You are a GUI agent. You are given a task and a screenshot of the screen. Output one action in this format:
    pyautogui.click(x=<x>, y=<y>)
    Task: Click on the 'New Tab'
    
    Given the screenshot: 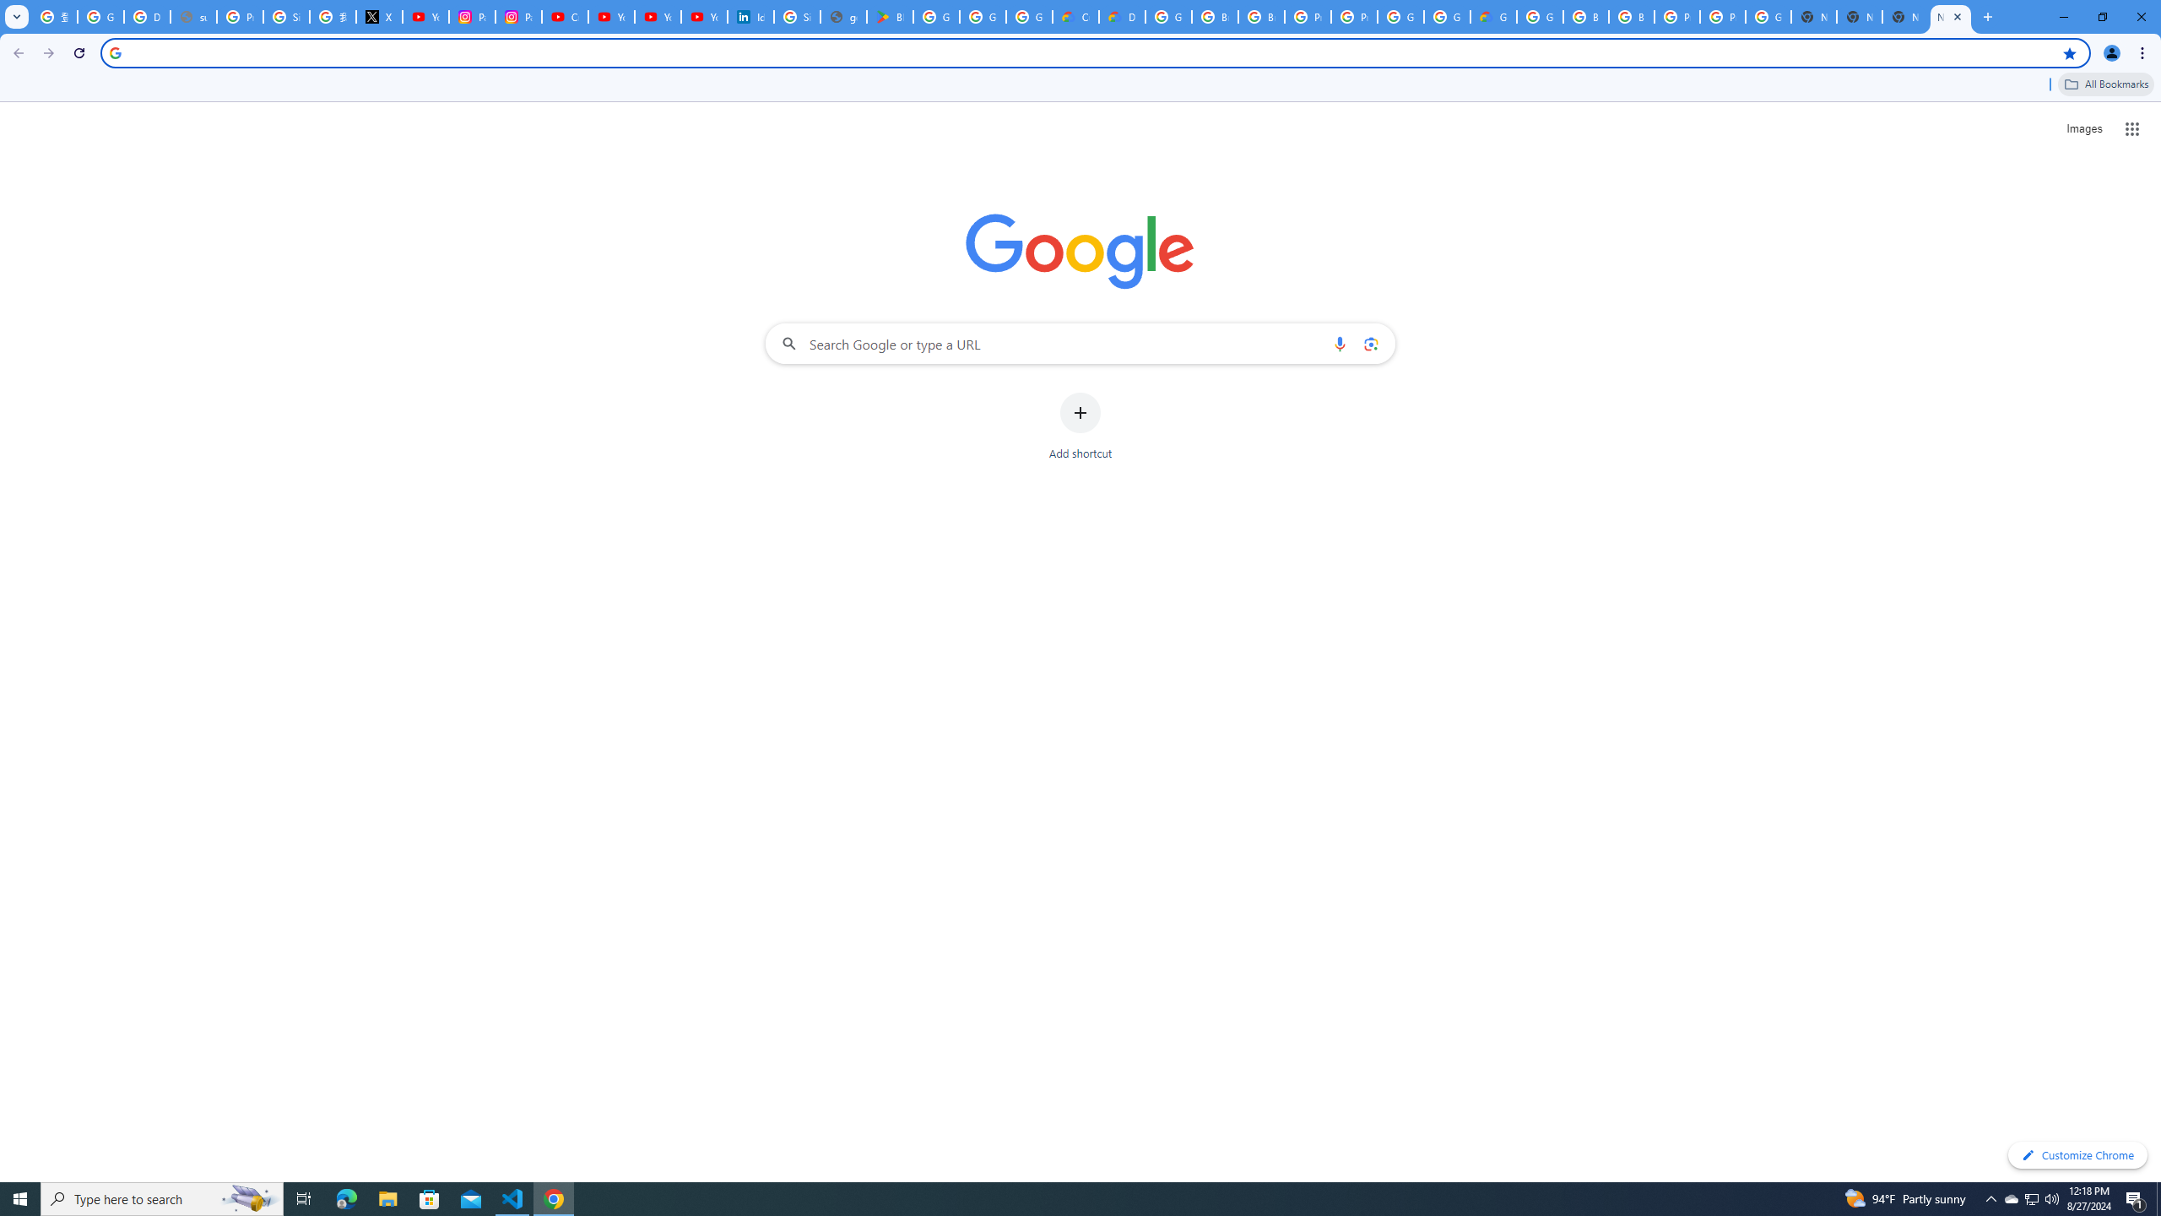 What is the action you would take?
    pyautogui.click(x=1858, y=16)
    